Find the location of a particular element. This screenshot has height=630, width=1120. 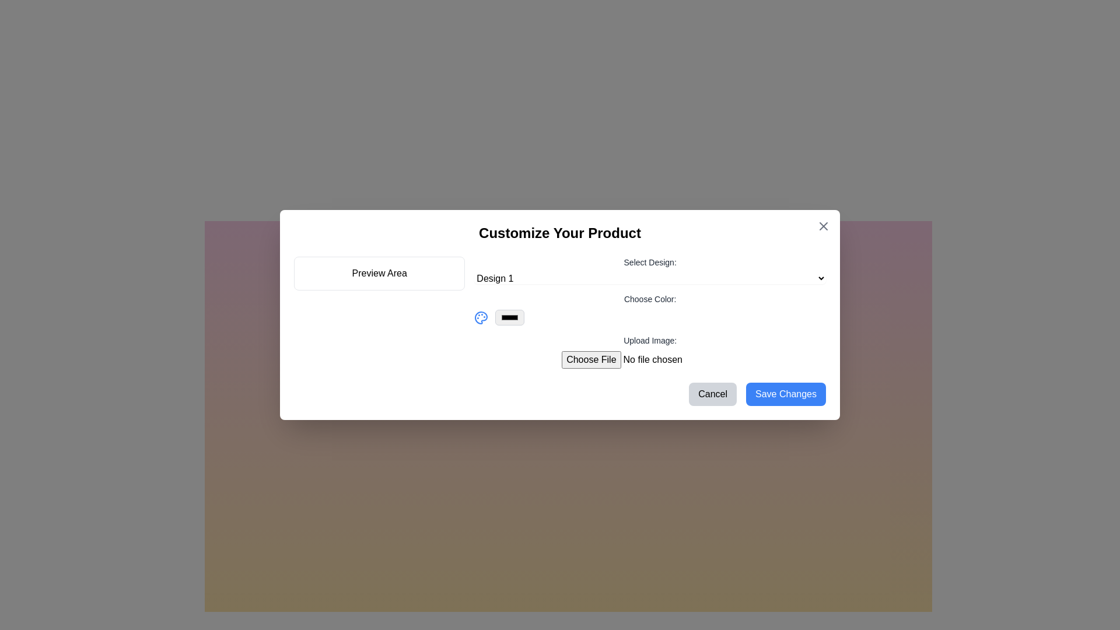

an option from the dropdown menu located at the top center of the form under the title 'Customize Your Product' is located at coordinates (649, 270).